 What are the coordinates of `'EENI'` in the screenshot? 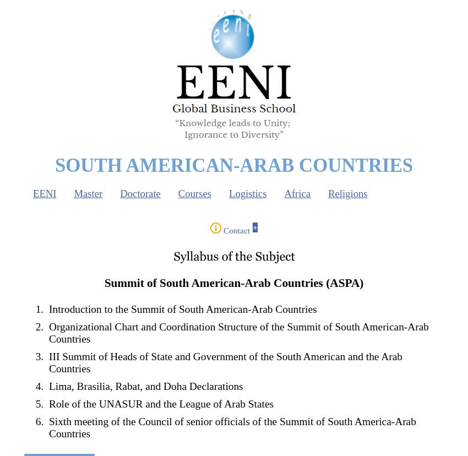 It's located at (33, 193).